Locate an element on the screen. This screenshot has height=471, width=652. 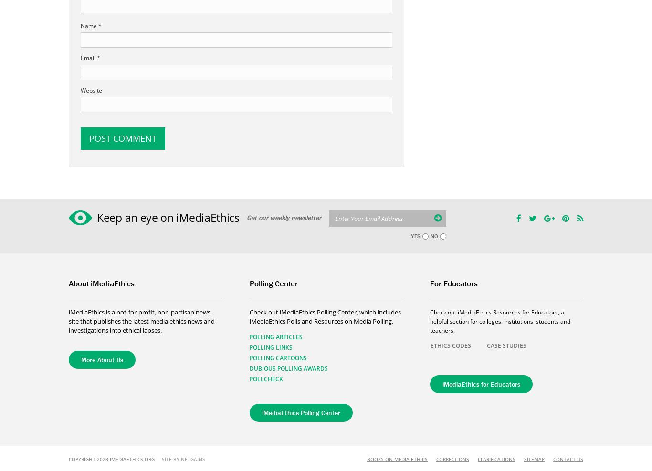
'Polling Links' is located at coordinates (271, 346).